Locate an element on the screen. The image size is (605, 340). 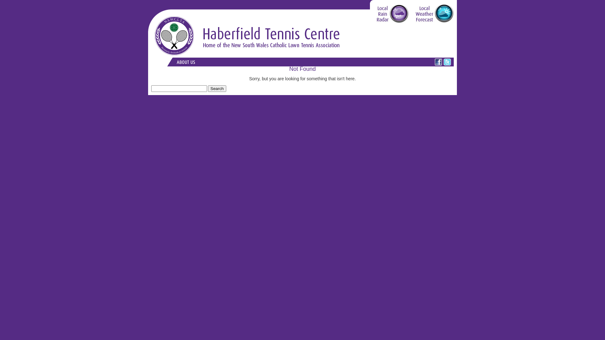
'Search' is located at coordinates (208, 88).